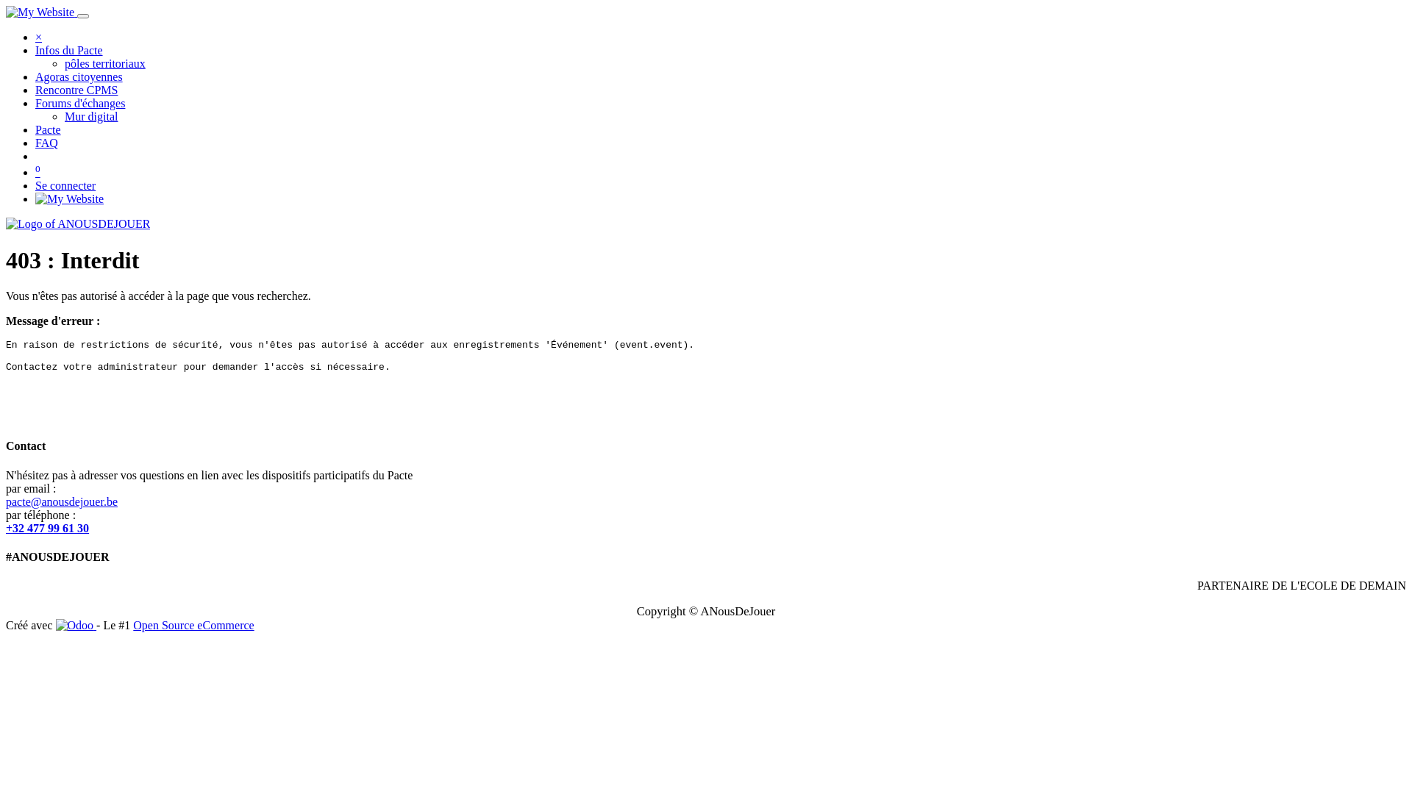 The image size is (1412, 794). What do you see at coordinates (40, 12) in the screenshot?
I see `'My Website'` at bounding box center [40, 12].